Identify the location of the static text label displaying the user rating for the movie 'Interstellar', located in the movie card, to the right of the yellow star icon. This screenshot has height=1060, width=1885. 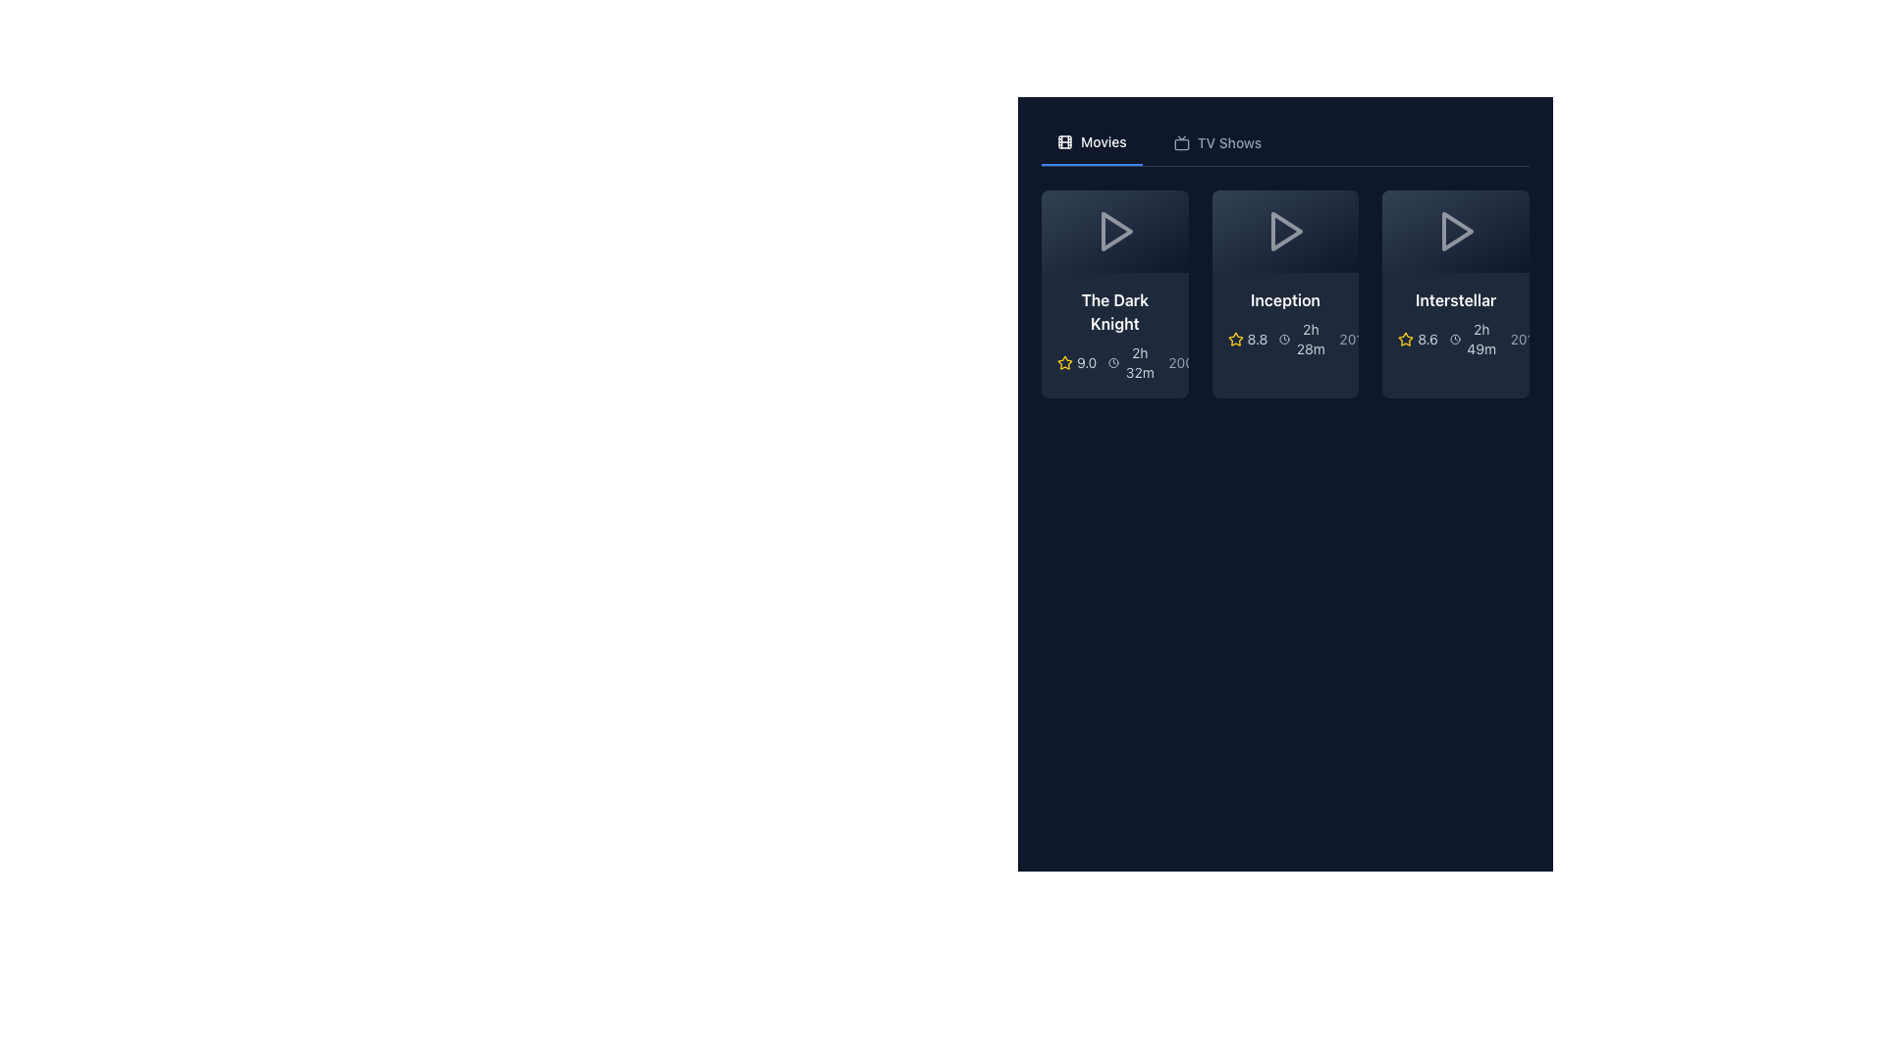
(1418, 339).